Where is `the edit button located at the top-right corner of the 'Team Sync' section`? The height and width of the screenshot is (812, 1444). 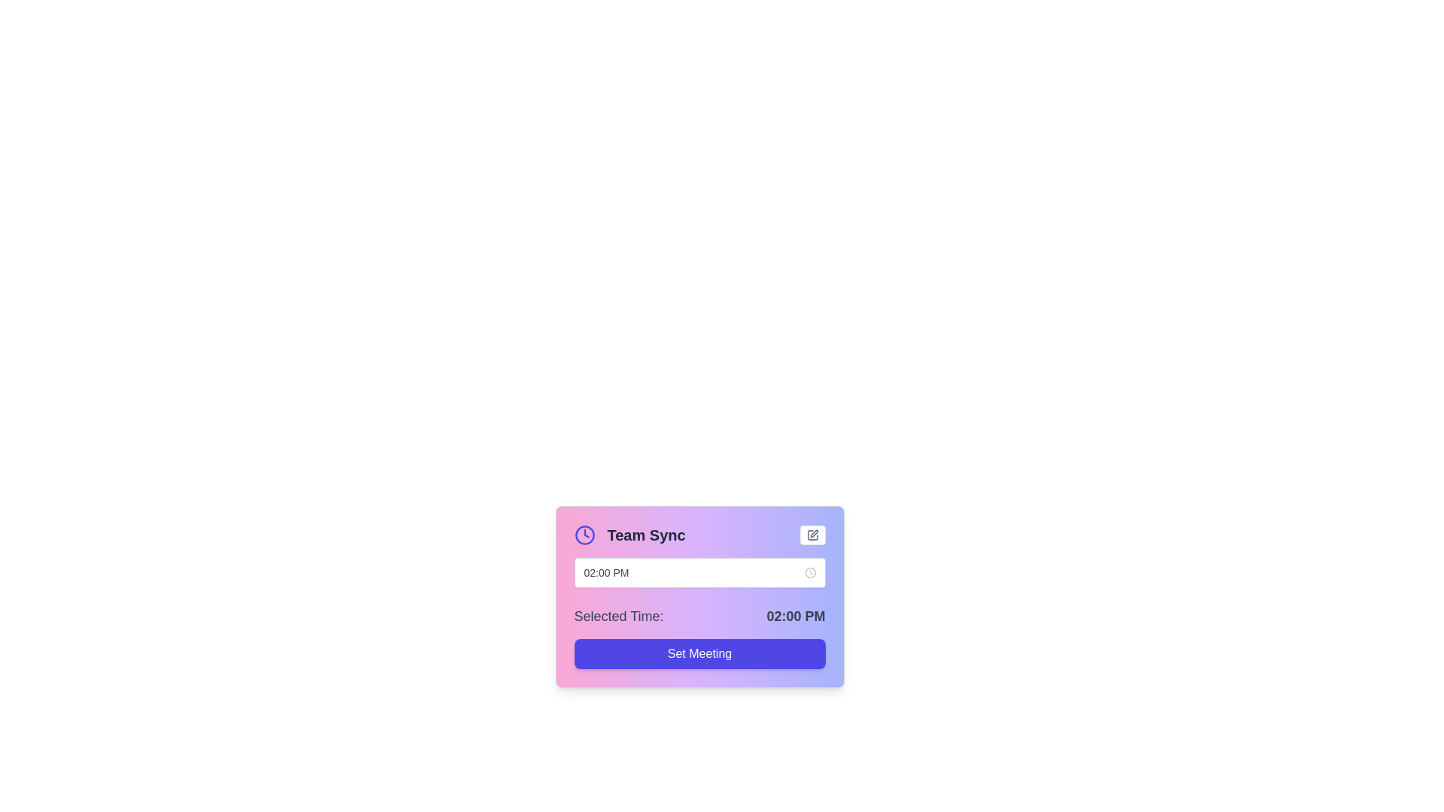 the edit button located at the top-right corner of the 'Team Sync' section is located at coordinates (811, 535).